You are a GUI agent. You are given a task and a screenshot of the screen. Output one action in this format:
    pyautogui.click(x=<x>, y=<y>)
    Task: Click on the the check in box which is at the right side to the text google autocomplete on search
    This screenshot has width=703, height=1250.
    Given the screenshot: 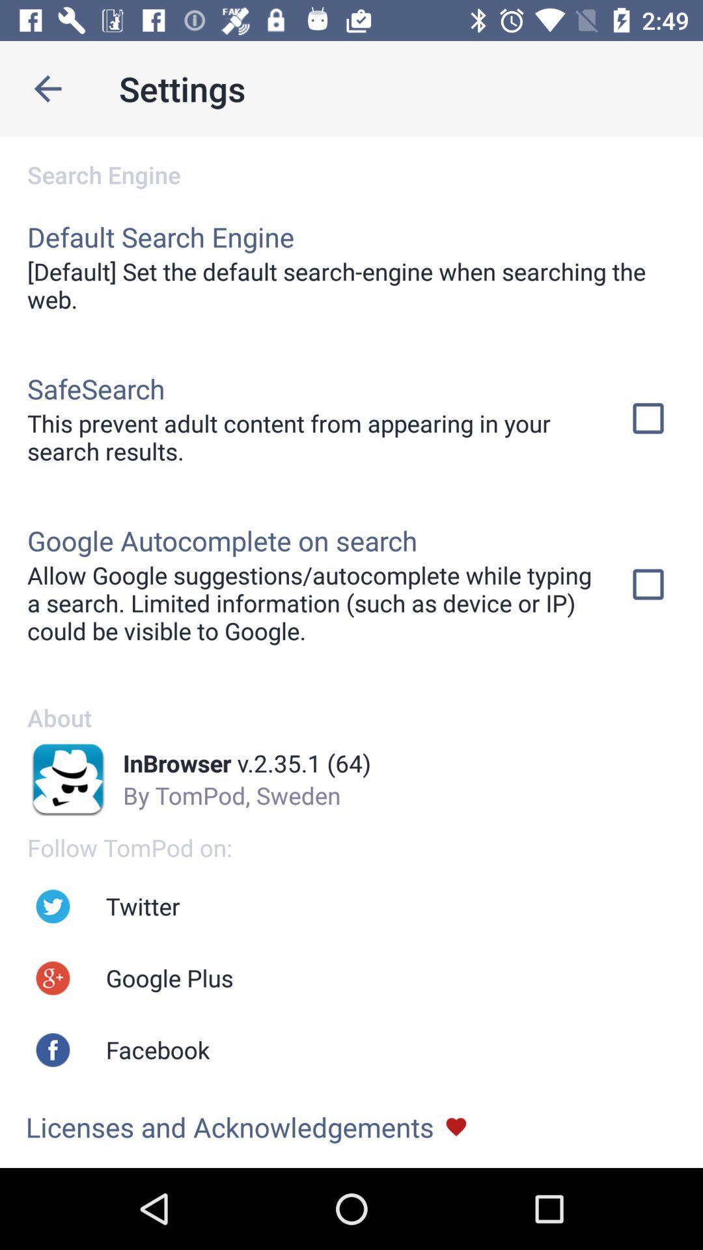 What is the action you would take?
    pyautogui.click(x=648, y=583)
    